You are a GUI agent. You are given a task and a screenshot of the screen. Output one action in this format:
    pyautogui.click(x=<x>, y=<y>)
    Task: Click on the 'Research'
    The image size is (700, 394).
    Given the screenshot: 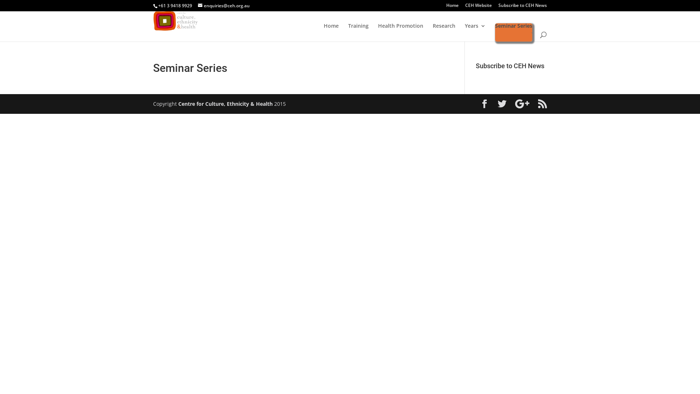 What is the action you would take?
    pyautogui.click(x=444, y=31)
    